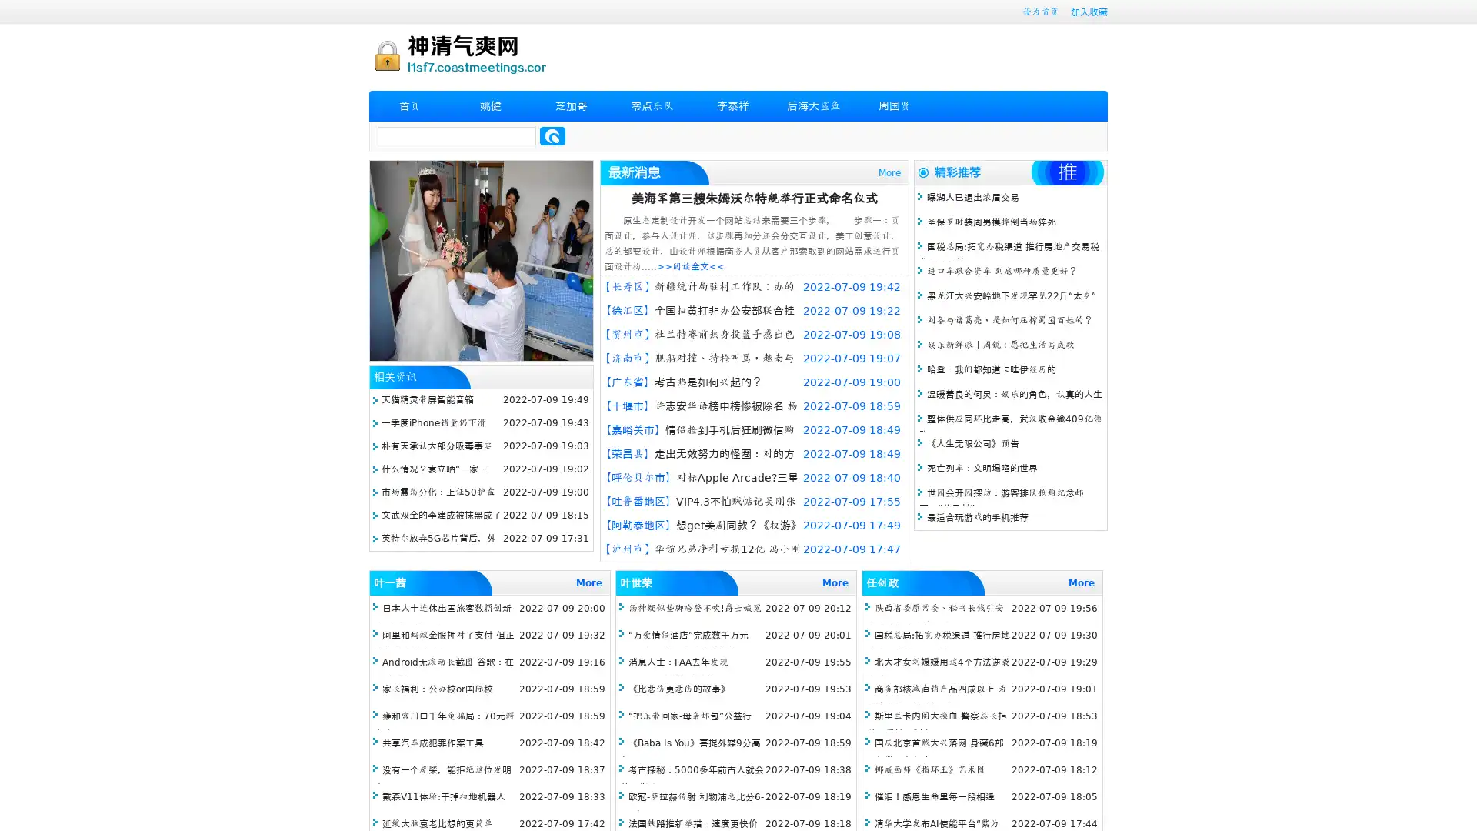 The width and height of the screenshot is (1477, 831). What do you see at coordinates (552, 135) in the screenshot?
I see `Search` at bounding box center [552, 135].